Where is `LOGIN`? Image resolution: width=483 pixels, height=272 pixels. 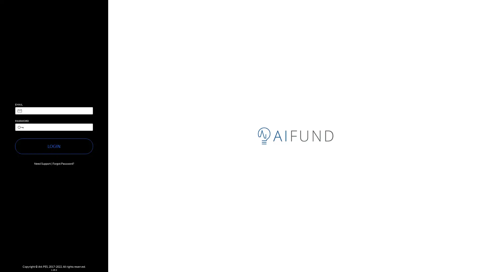
LOGIN is located at coordinates (54, 146).